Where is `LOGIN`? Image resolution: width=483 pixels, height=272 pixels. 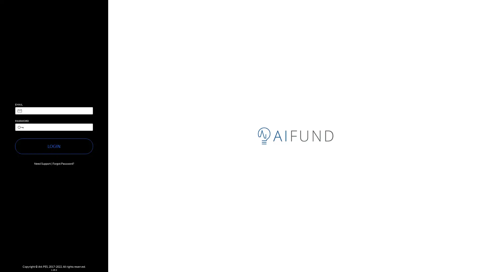
LOGIN is located at coordinates (54, 146).